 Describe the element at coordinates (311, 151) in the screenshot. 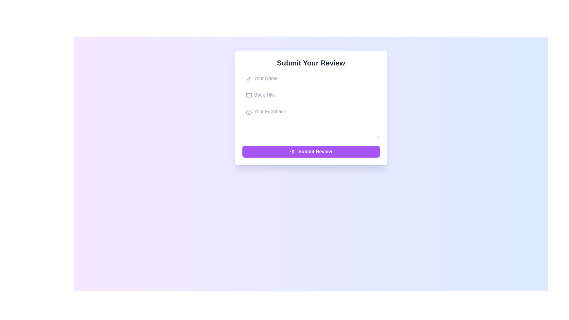

I see `the submit button located at the bottom center of the form` at that location.